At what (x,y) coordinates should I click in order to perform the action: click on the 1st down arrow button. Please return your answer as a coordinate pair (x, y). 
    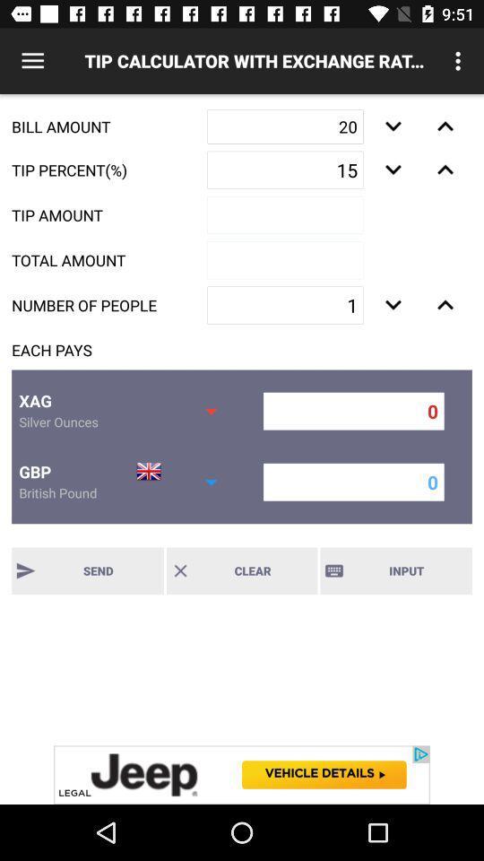
    Looking at the image, I should click on (393, 126).